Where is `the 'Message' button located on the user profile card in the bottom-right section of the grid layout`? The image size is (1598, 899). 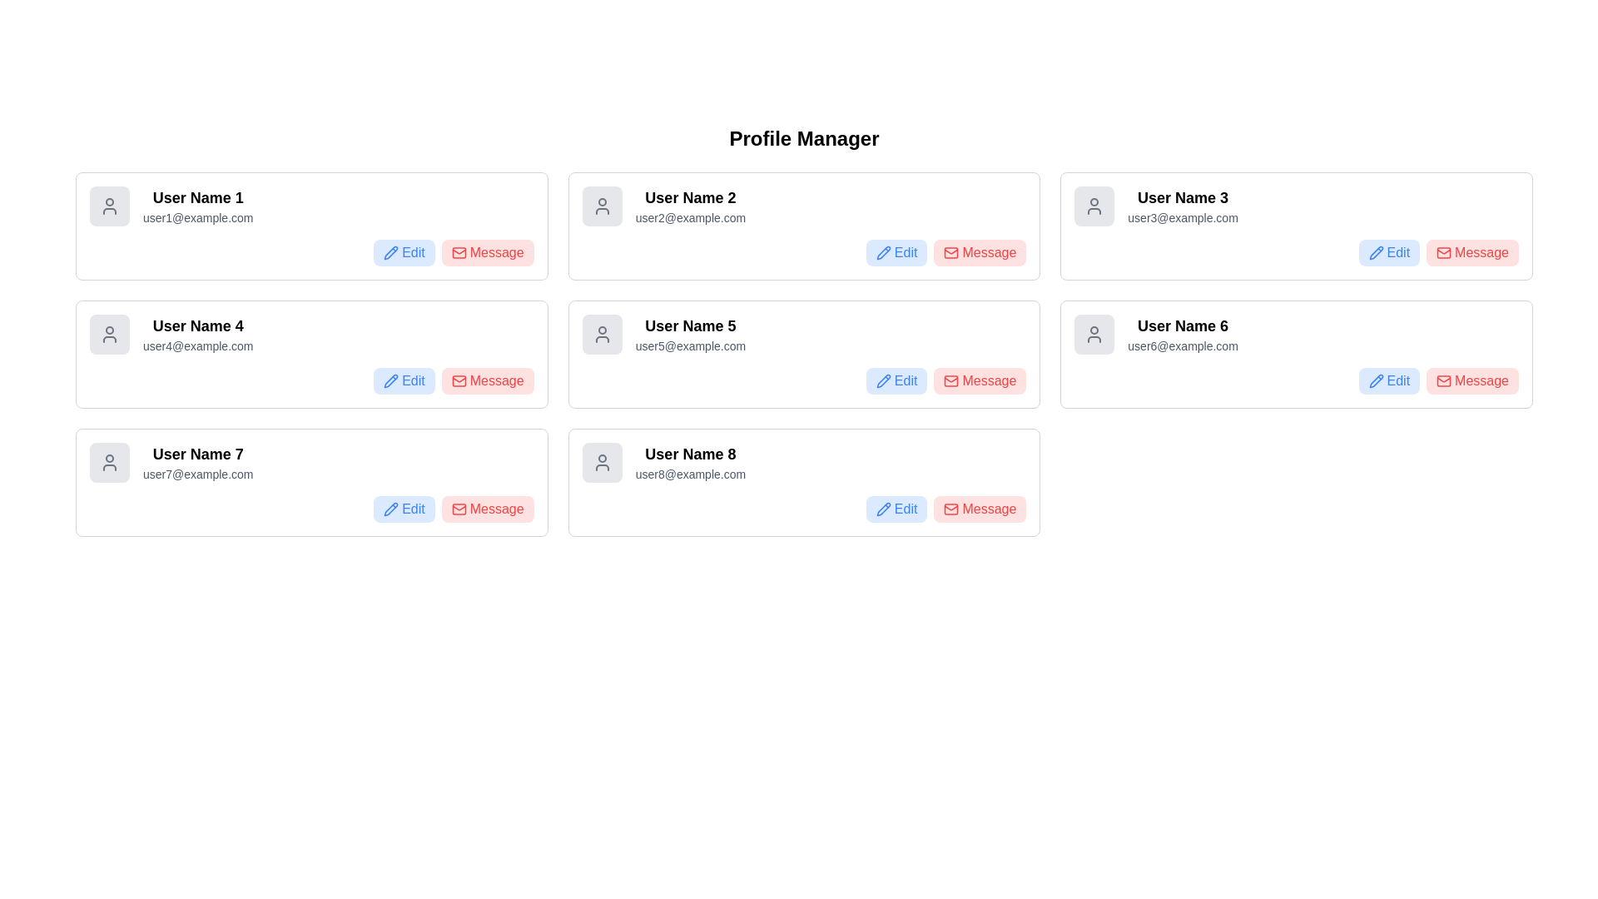 the 'Message' button located on the user profile card in the bottom-right section of the grid layout is located at coordinates (1296, 353).